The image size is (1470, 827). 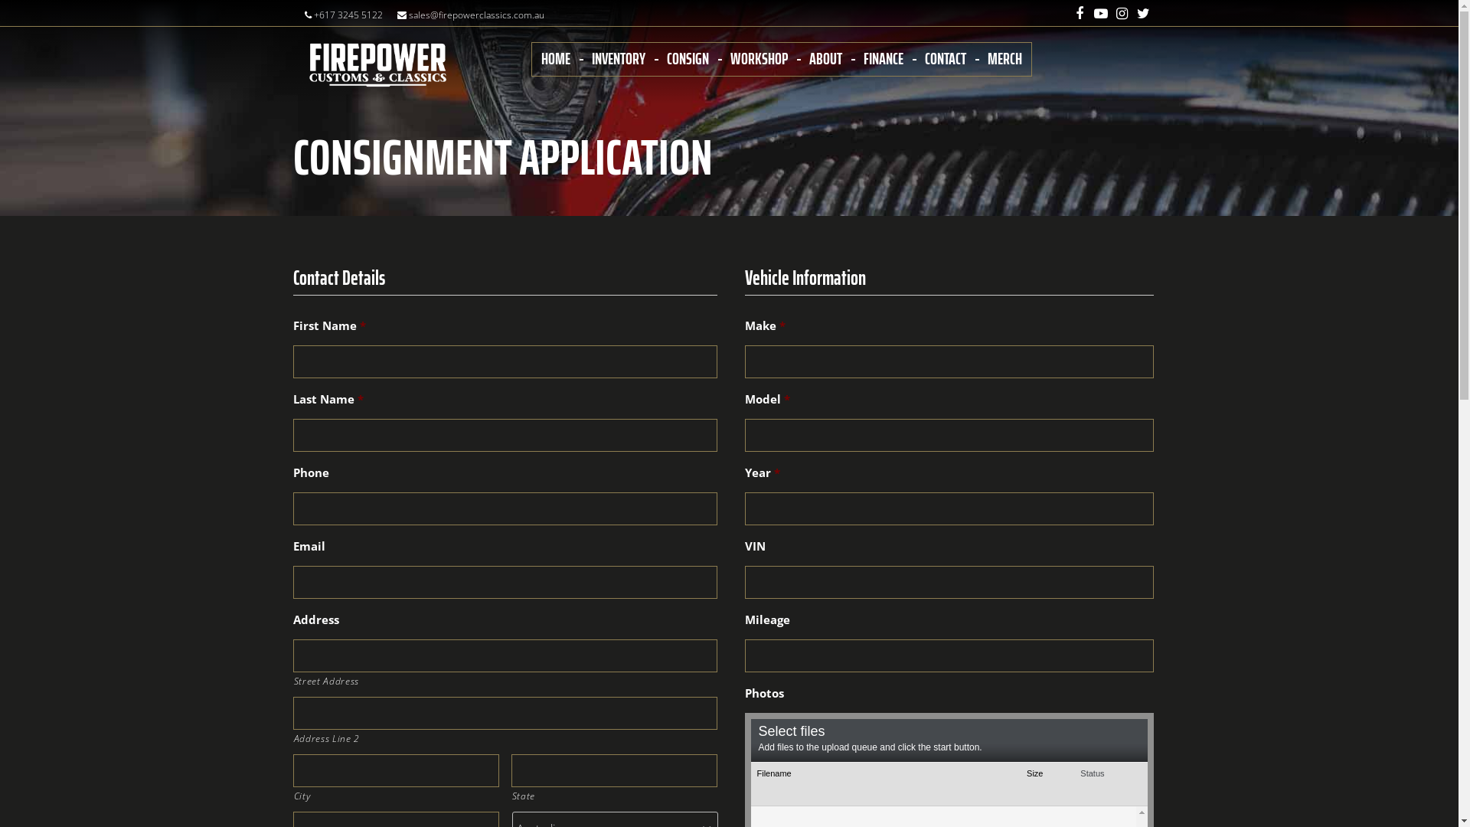 What do you see at coordinates (1143, 12) in the screenshot?
I see `'Twitter'` at bounding box center [1143, 12].